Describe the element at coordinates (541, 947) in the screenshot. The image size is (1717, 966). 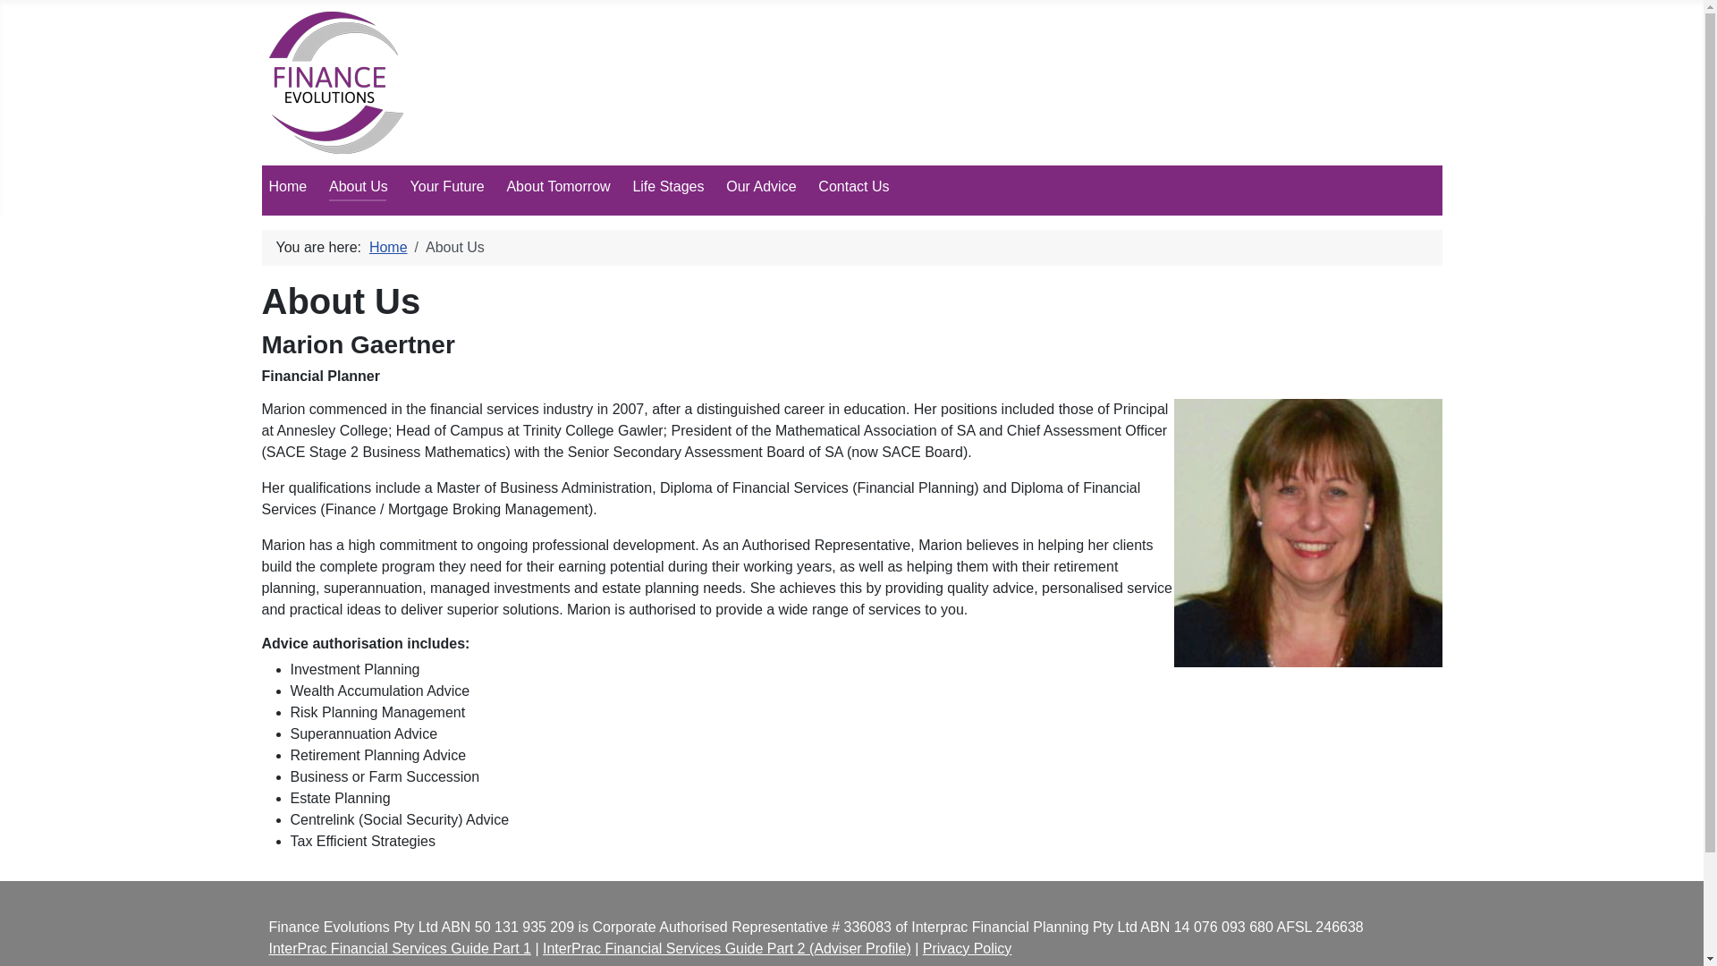
I see `'InterPrac Financial Services Guide Part 2 (Adviser Profile)'` at that location.